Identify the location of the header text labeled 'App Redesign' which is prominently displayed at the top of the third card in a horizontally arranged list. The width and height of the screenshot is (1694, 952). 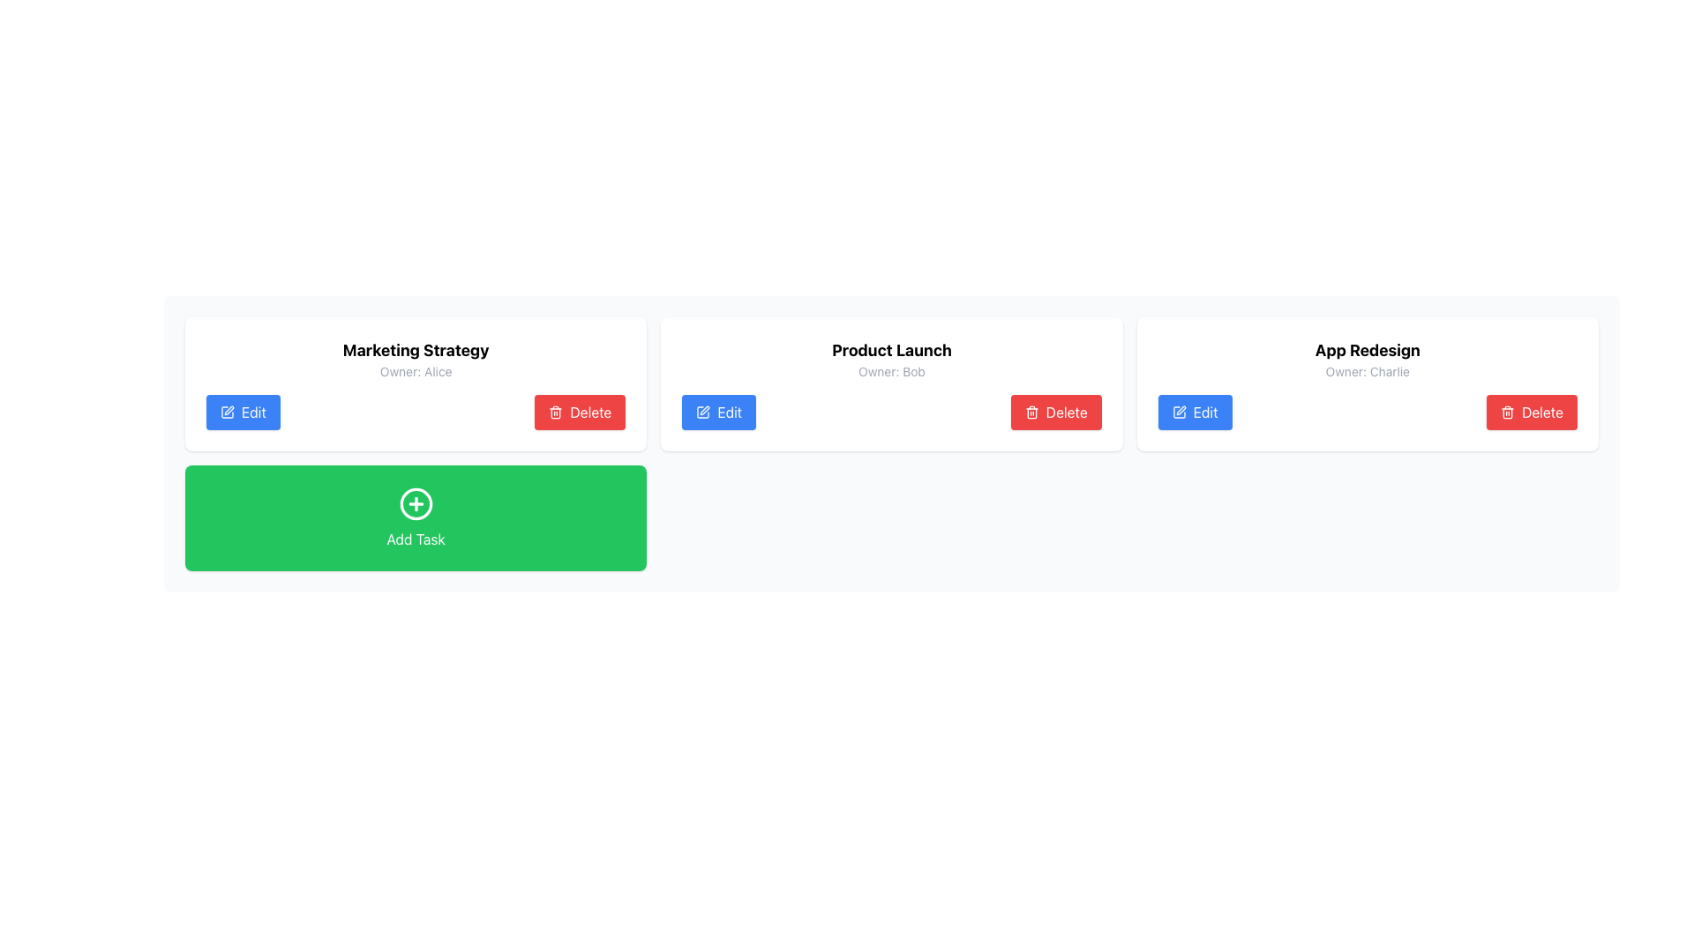
(1367, 350).